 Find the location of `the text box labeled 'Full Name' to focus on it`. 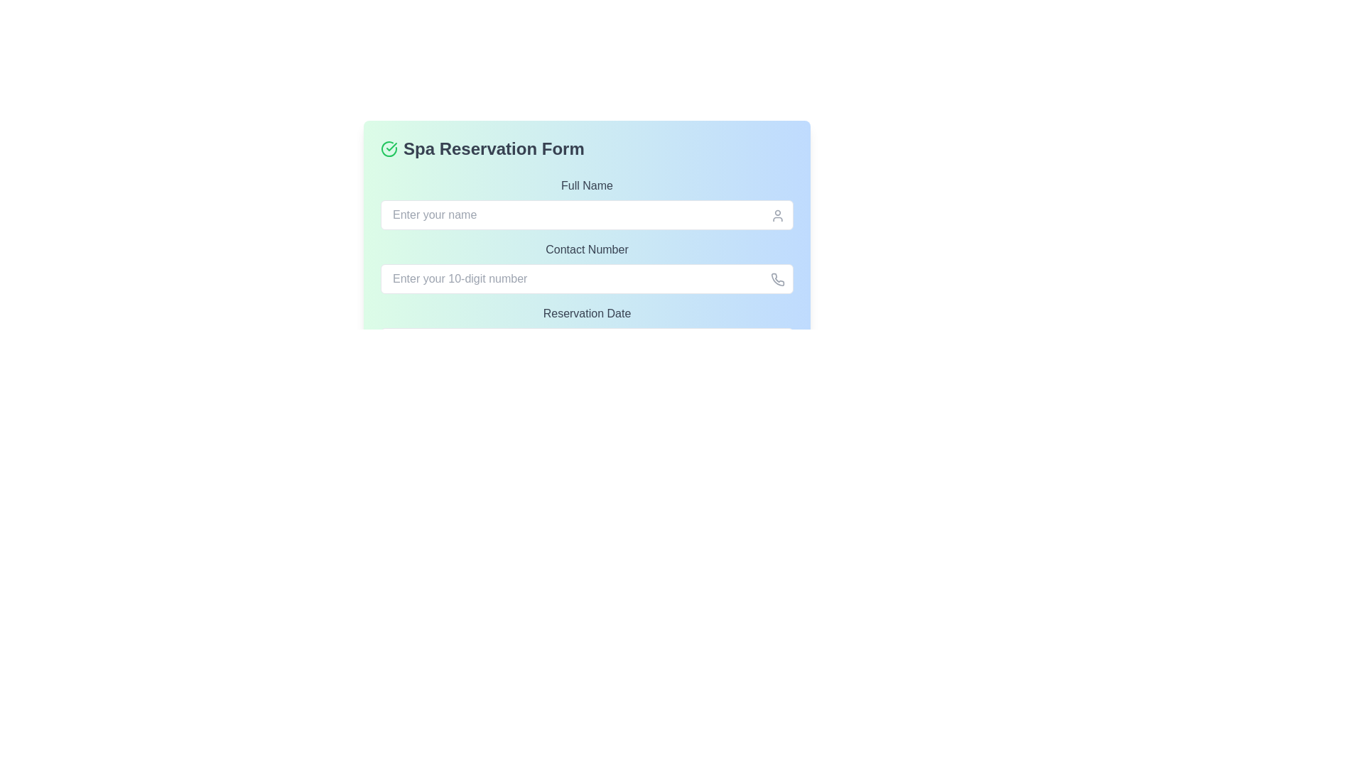

the text box labeled 'Full Name' to focus on it is located at coordinates (587, 203).